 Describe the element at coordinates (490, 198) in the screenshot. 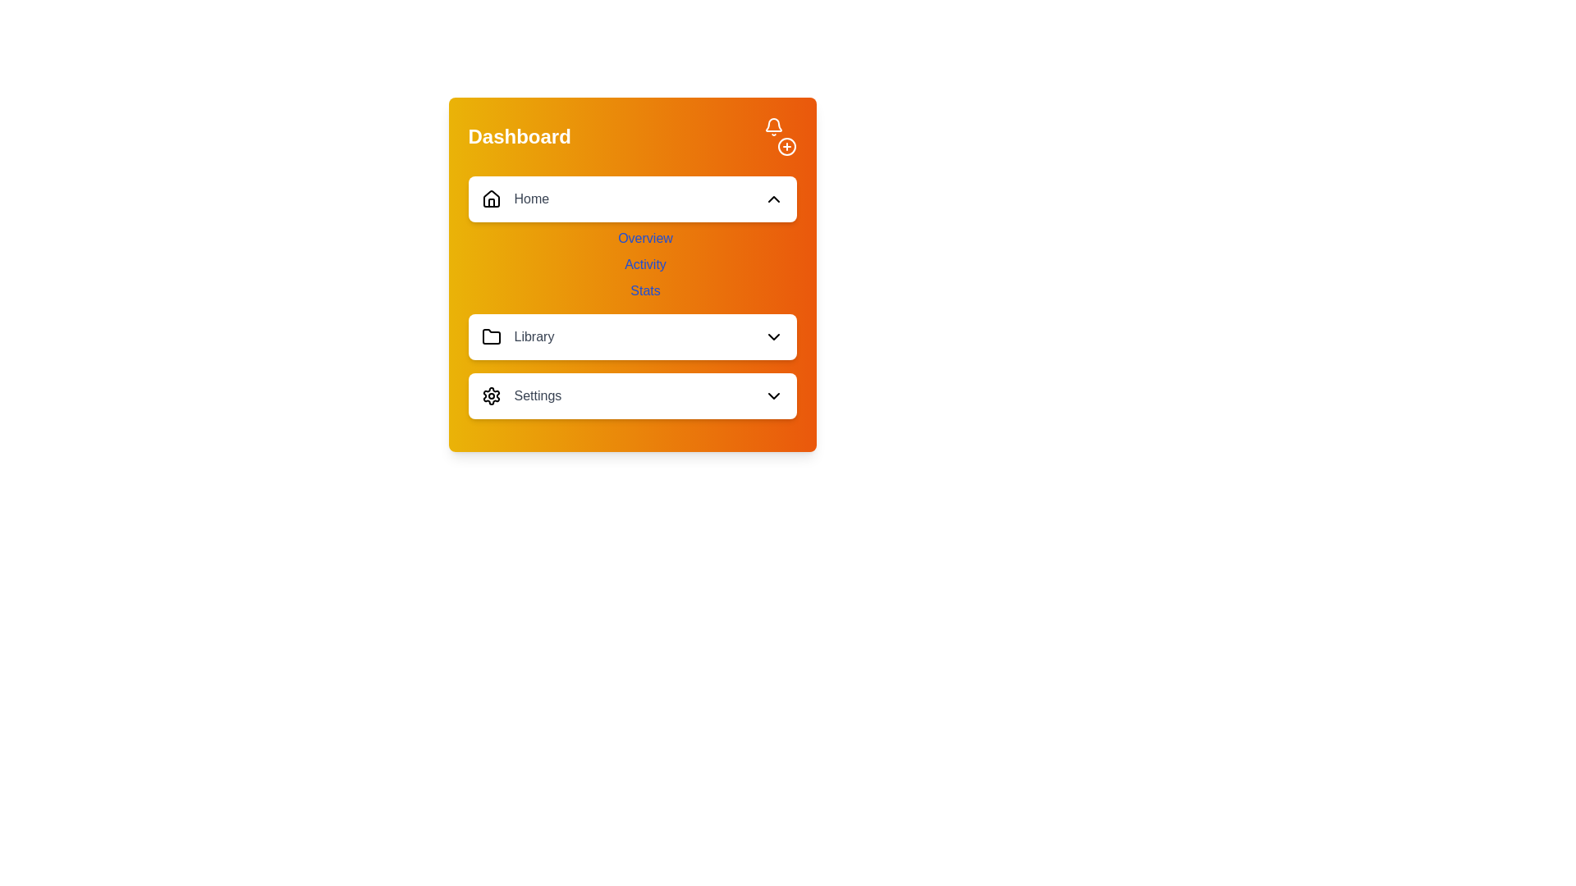

I see `the house-shaped icon with a minimalistic design, outlined in black strokes, located at the specified coordinates` at that location.